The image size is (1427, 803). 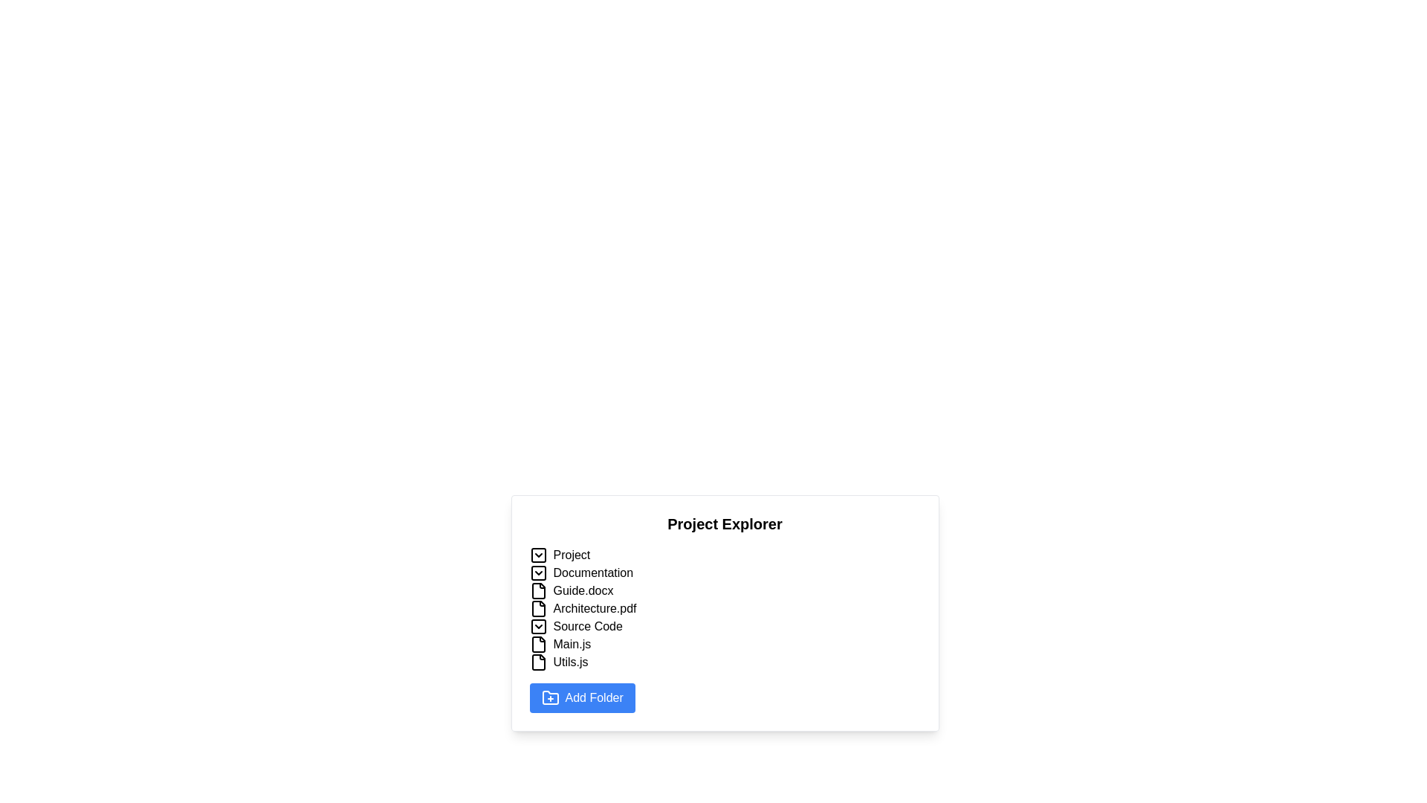 I want to click on the SVG icon representing the file 'Utils.js' to interact with the file, so click(x=537, y=662).